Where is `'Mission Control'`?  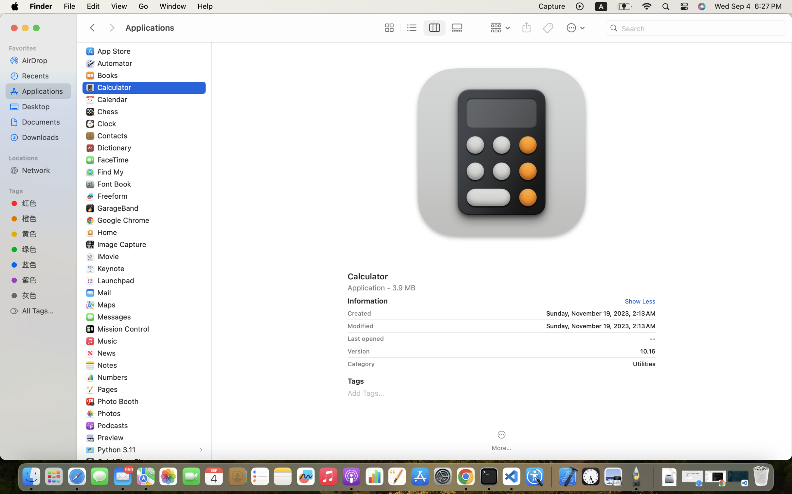 'Mission Control' is located at coordinates (125, 329).